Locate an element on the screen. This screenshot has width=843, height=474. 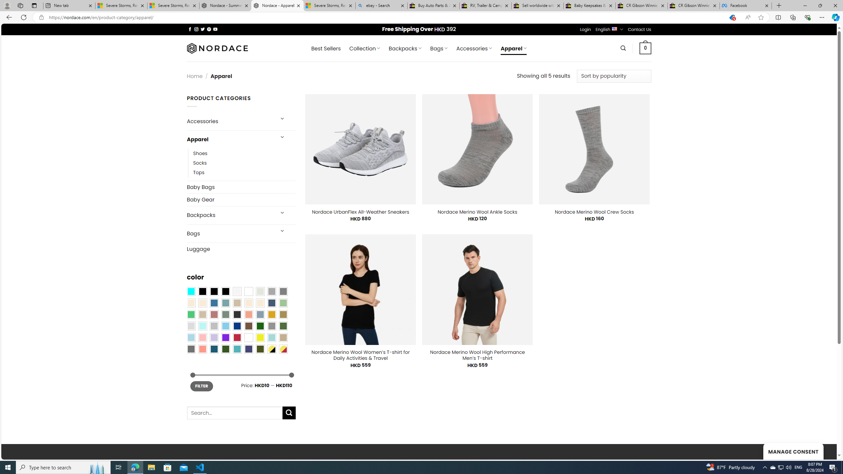
'Luggage' is located at coordinates (241, 249).